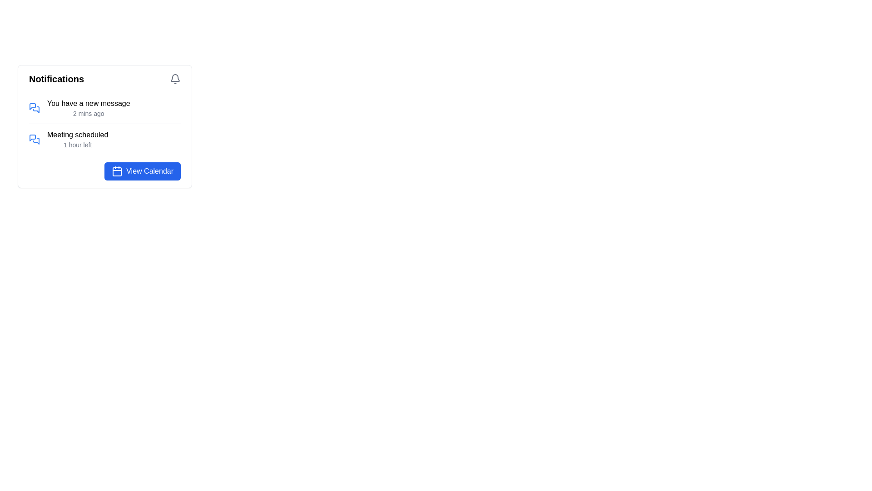 The width and height of the screenshot is (872, 491). I want to click on the 'View Calendar' button containing the small blue calendar icon located to the left of the text, so click(117, 171).